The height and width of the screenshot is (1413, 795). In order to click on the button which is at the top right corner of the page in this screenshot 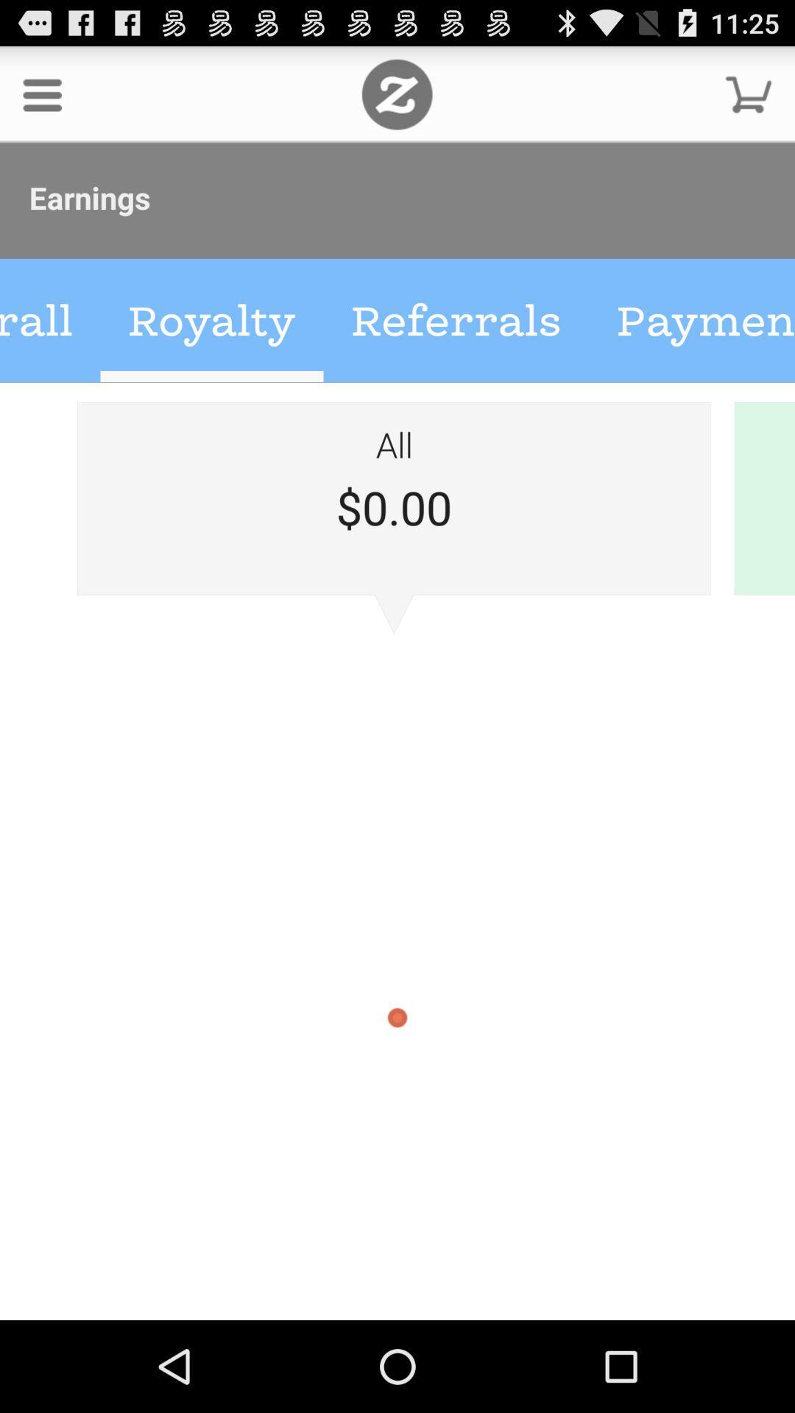, I will do `click(749, 93)`.